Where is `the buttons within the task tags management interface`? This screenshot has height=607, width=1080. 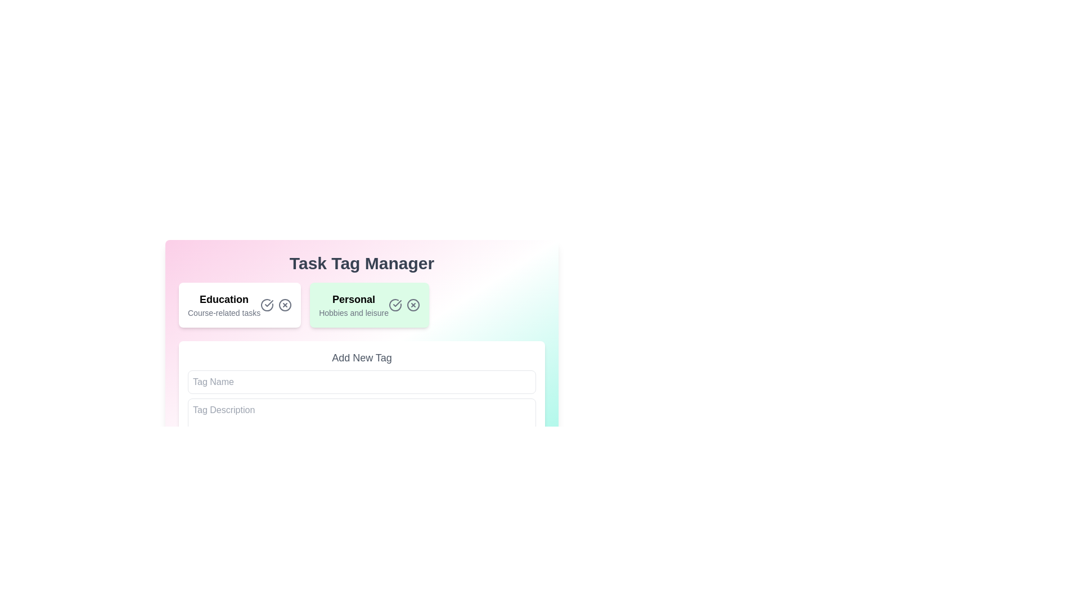 the buttons within the task tags management interface is located at coordinates (362, 364).